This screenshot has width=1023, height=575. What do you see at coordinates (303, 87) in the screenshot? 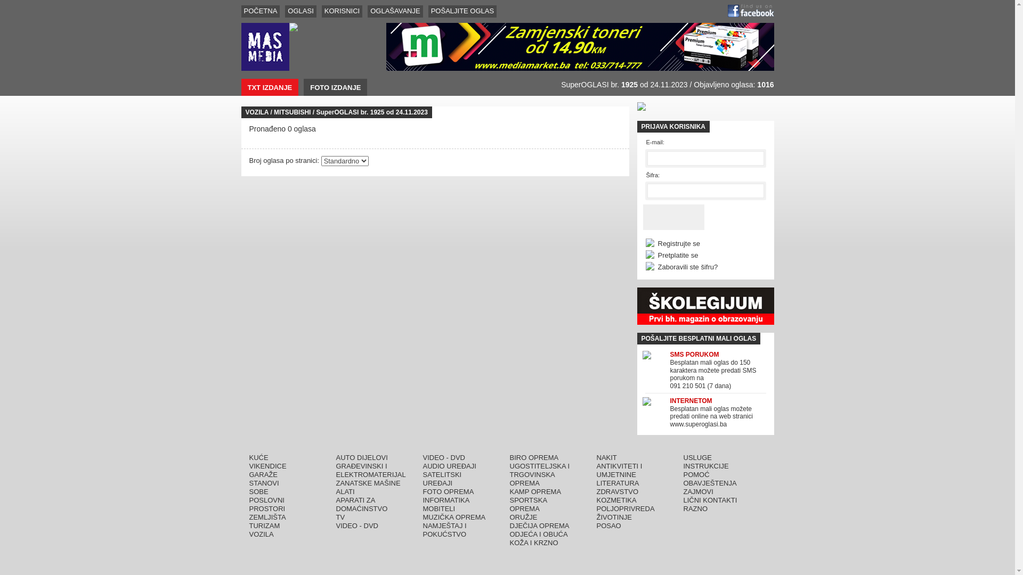
I see `'FOTO IZDANJE'` at bounding box center [303, 87].